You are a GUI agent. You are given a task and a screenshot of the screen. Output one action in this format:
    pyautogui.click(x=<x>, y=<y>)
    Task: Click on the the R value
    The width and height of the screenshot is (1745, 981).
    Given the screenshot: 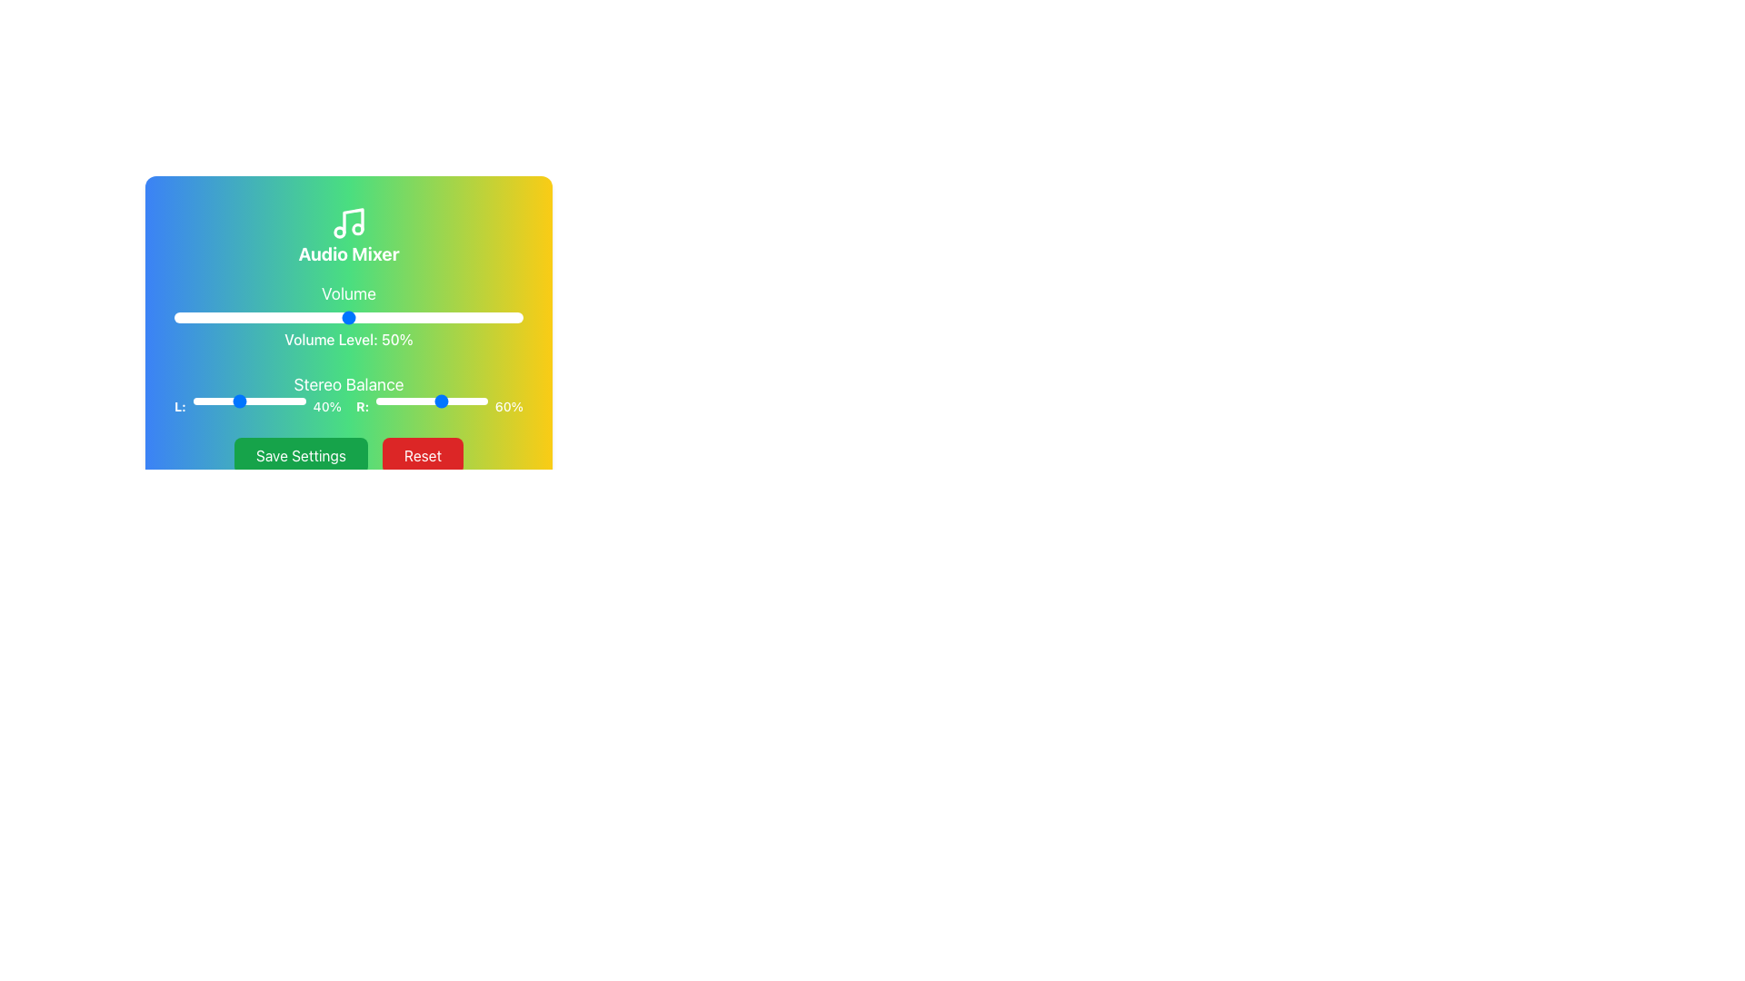 What is the action you would take?
    pyautogui.click(x=426, y=401)
    